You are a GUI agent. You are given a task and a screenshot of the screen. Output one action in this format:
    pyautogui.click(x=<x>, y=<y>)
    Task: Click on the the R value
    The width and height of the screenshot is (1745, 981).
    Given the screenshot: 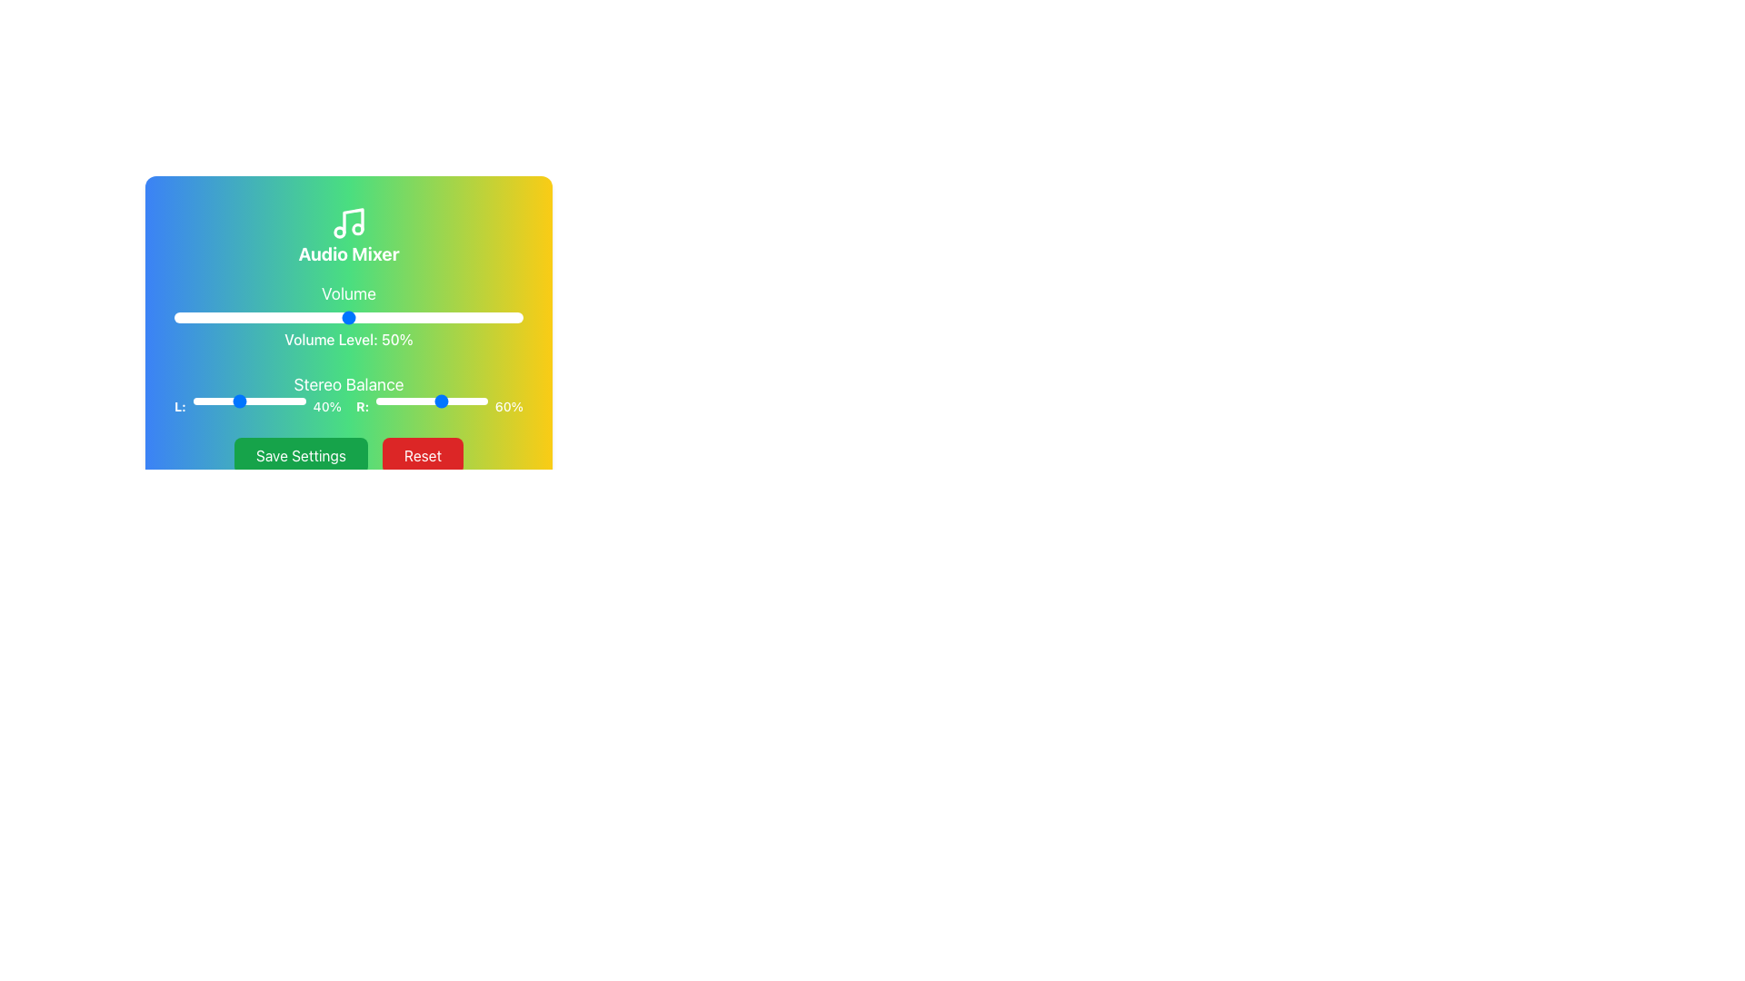 What is the action you would take?
    pyautogui.click(x=426, y=401)
    